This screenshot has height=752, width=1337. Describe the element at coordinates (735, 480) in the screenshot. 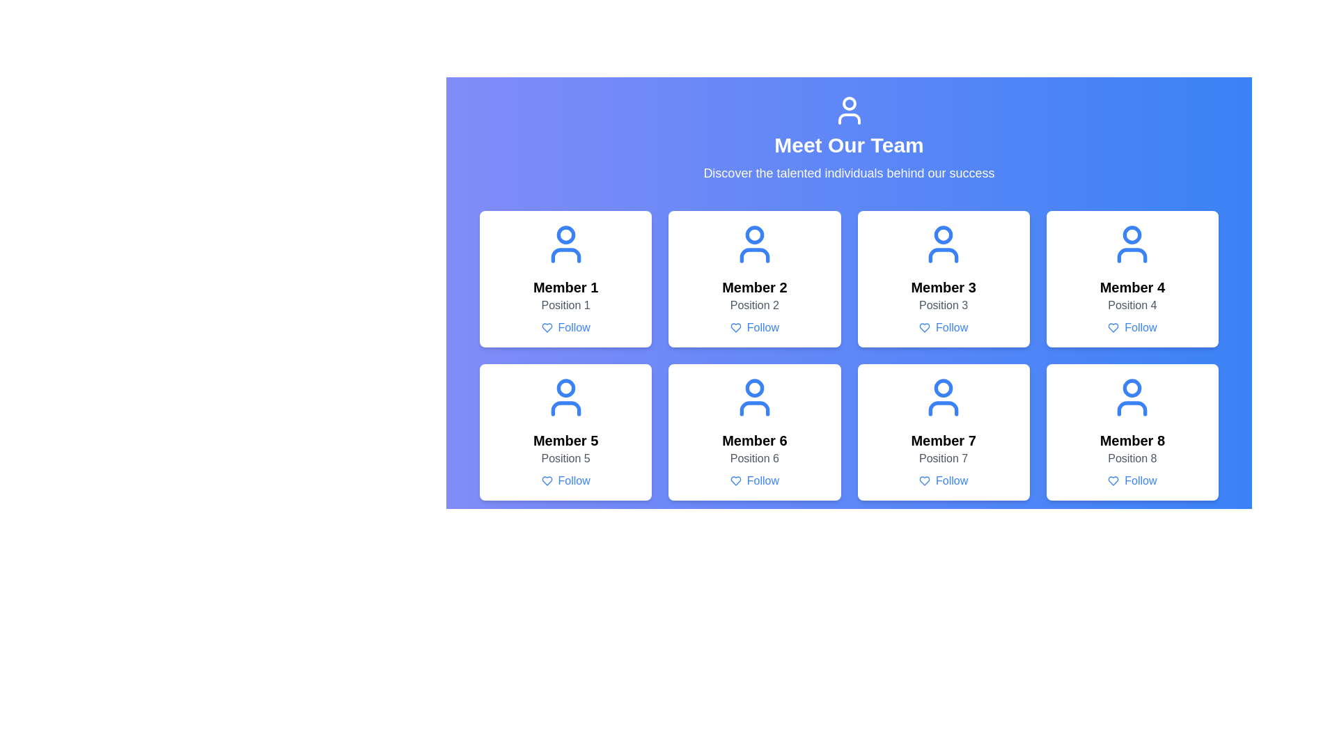

I see `the heart icon located to the left of the 'Follow' text in the card labeled 'Member 6, Position 6'` at that location.